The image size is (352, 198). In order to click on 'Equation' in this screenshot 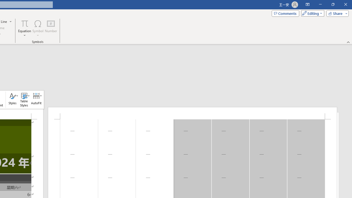, I will do `click(24, 28)`.